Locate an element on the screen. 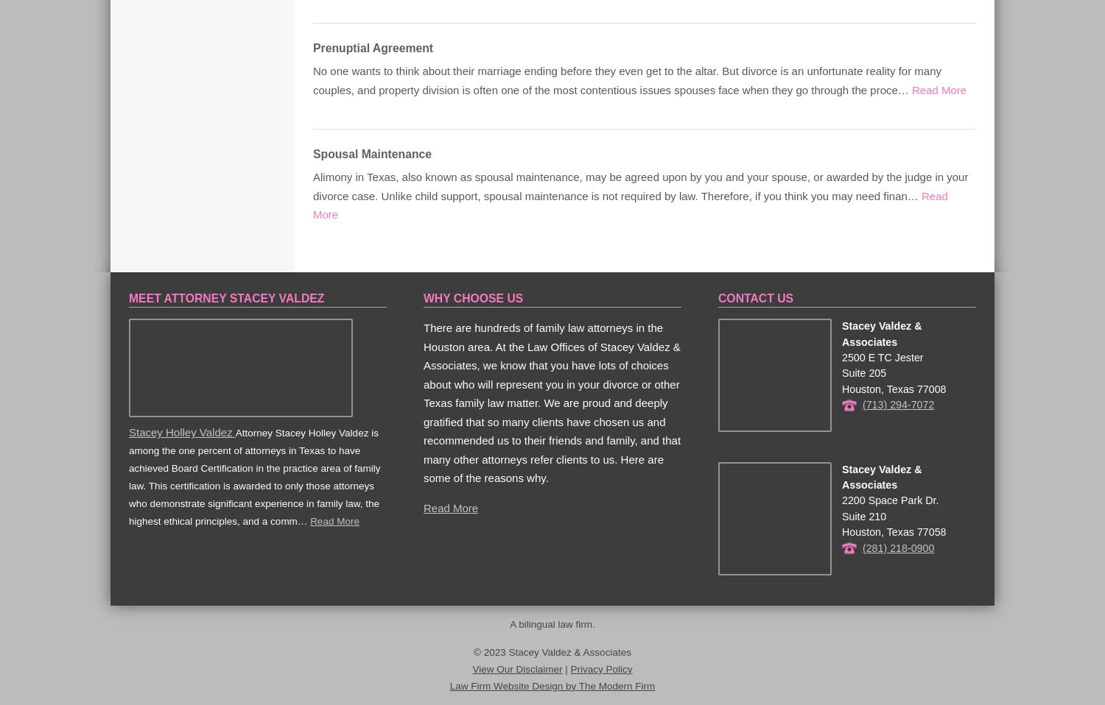 This screenshot has height=705, width=1105. '(713) 294-7072' is located at coordinates (897, 403).